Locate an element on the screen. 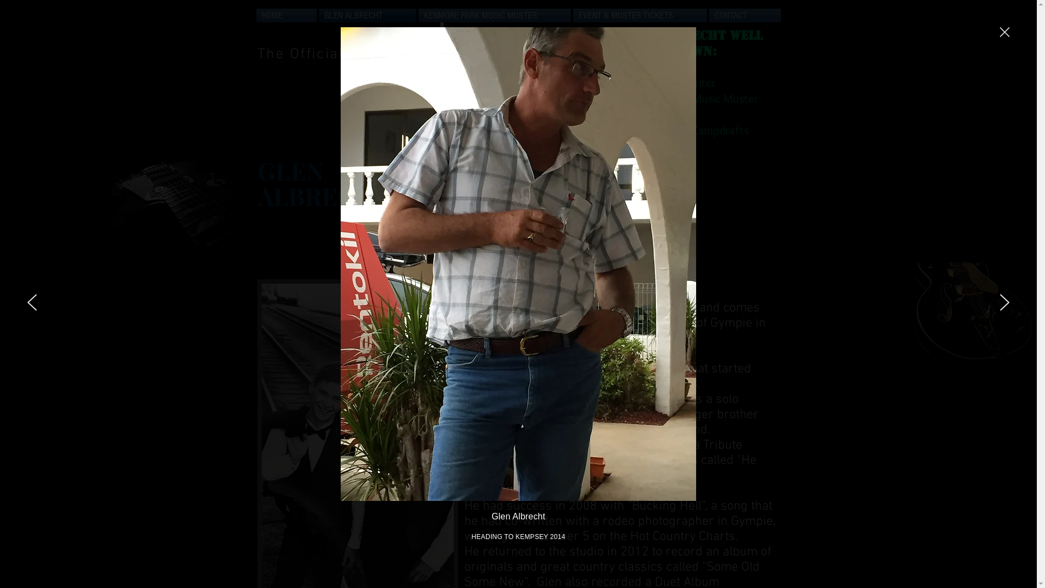 The image size is (1045, 588). 'GLEN ALBRECHT' is located at coordinates (367, 15).